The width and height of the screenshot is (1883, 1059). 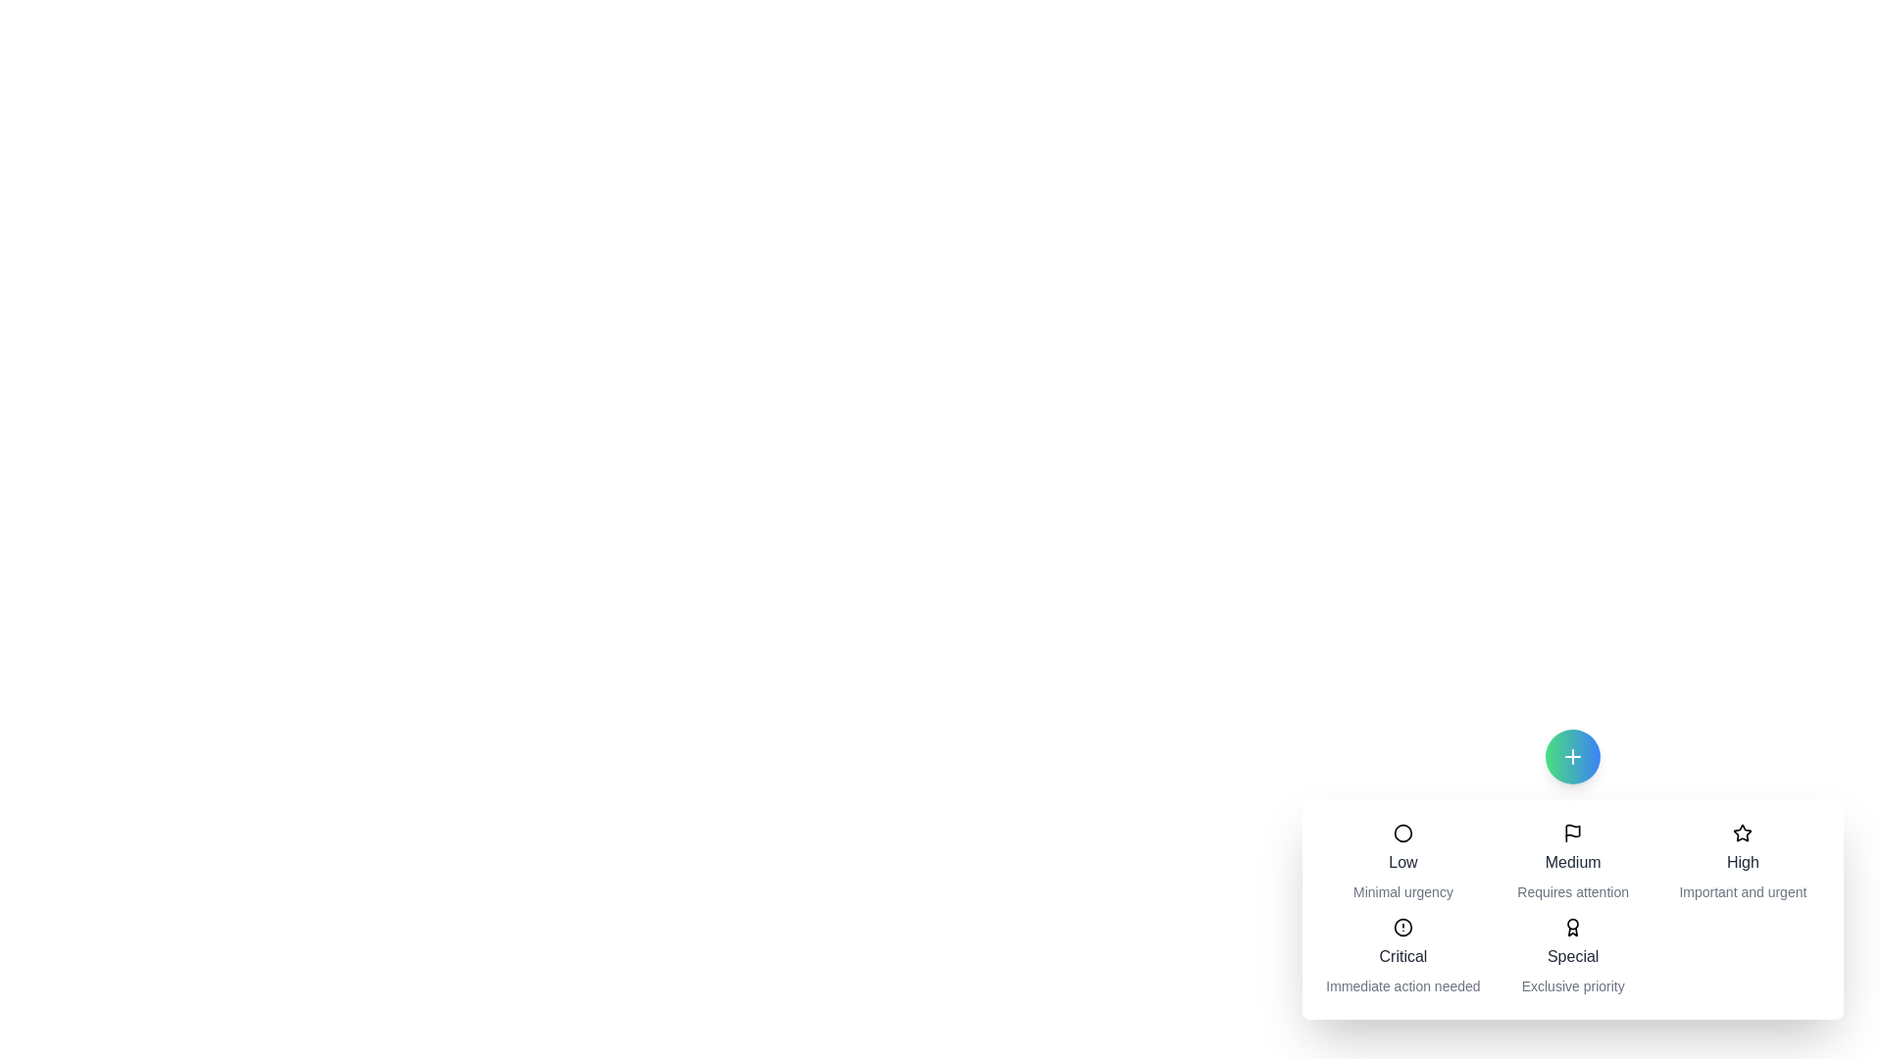 I want to click on '+' button to toggle the menu, so click(x=1572, y=755).